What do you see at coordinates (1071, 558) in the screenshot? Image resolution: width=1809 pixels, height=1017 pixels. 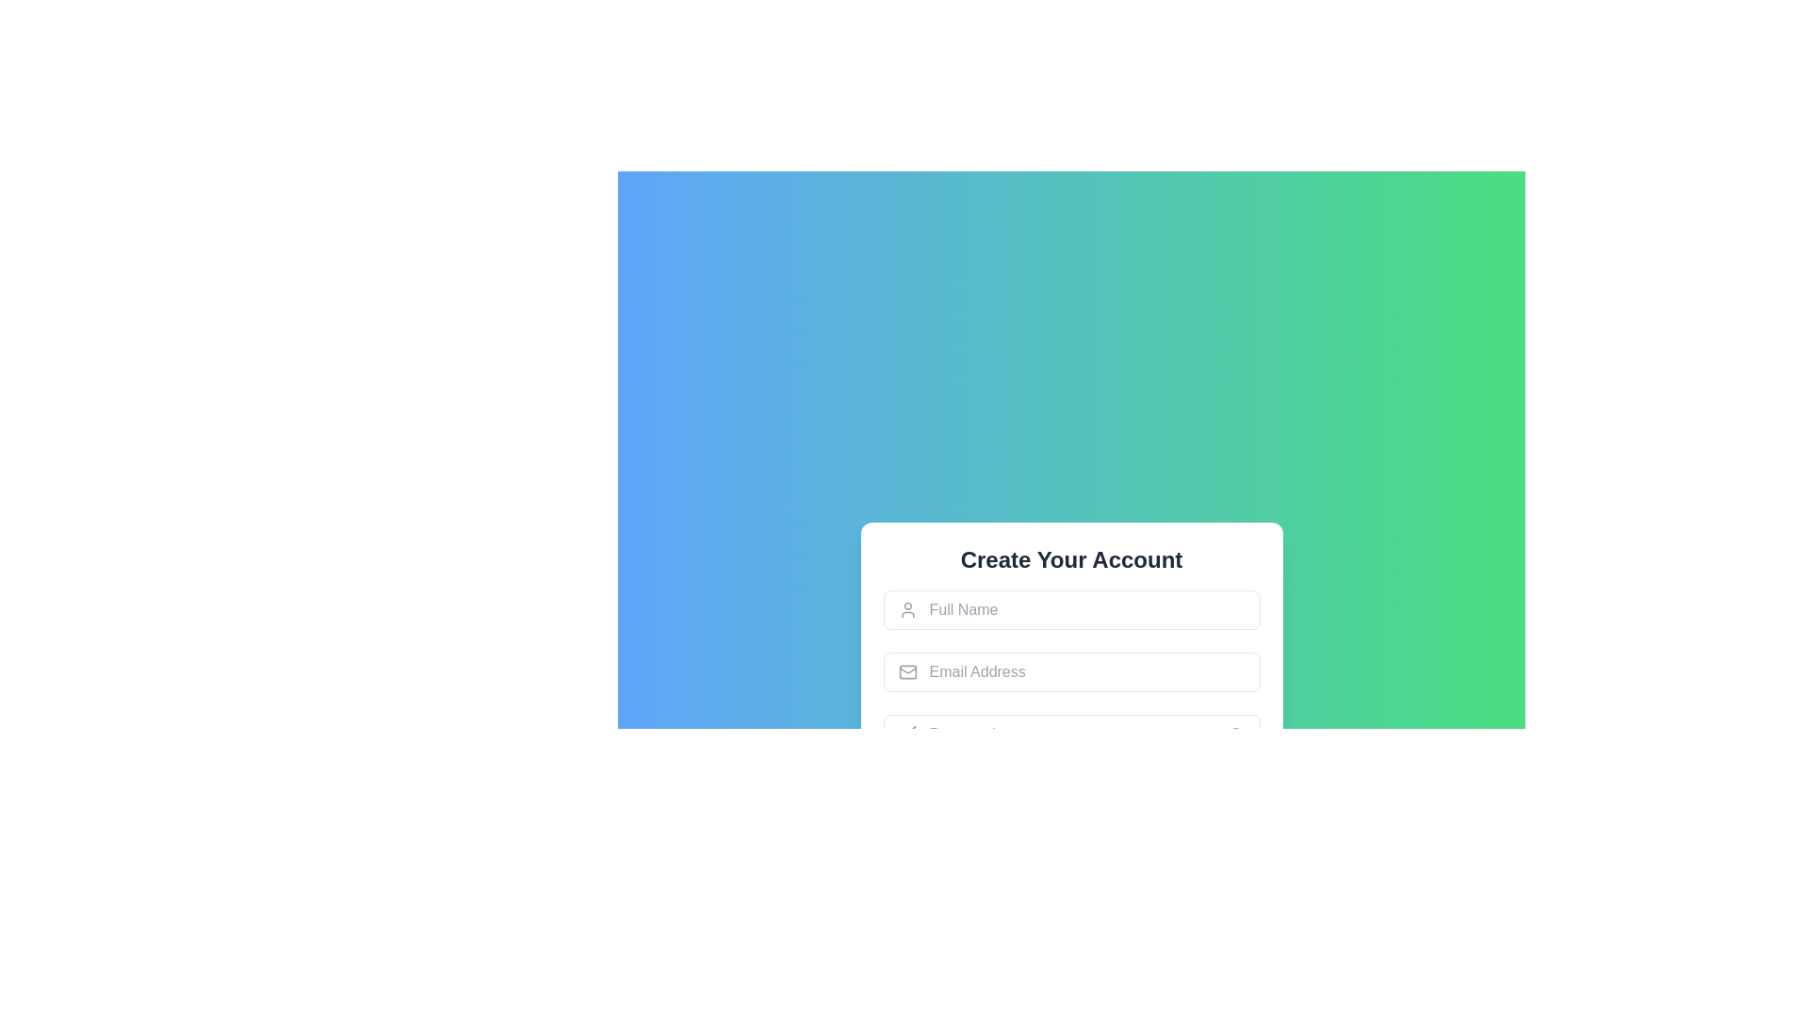 I see `the prominent and bold text label displaying 'Create Your Account', which is centered horizontally in a white, rounded box at the topmost position` at bounding box center [1071, 558].